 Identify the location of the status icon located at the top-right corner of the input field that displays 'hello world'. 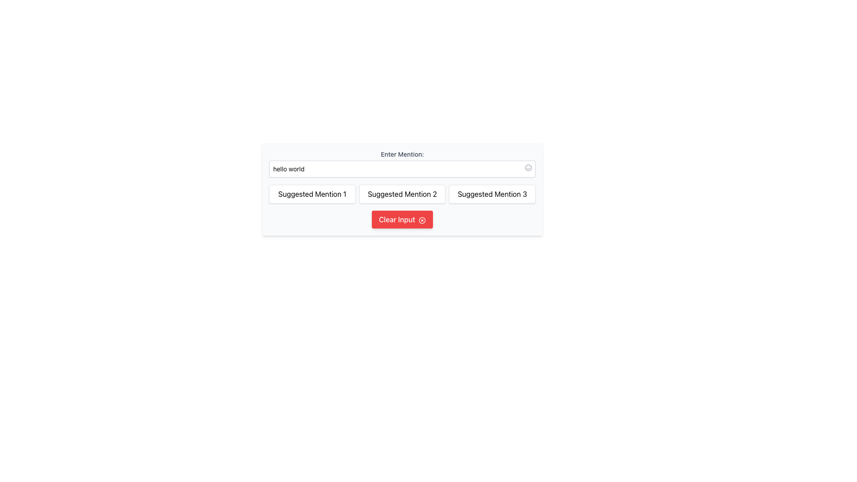
(528, 167).